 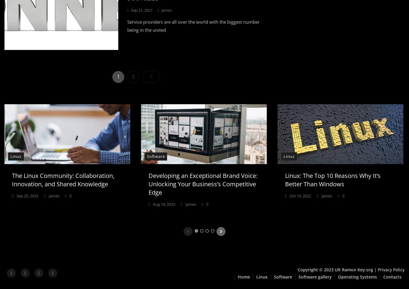 What do you see at coordinates (16, 196) in the screenshot?
I see `'Sep 25, 2023'` at bounding box center [16, 196].